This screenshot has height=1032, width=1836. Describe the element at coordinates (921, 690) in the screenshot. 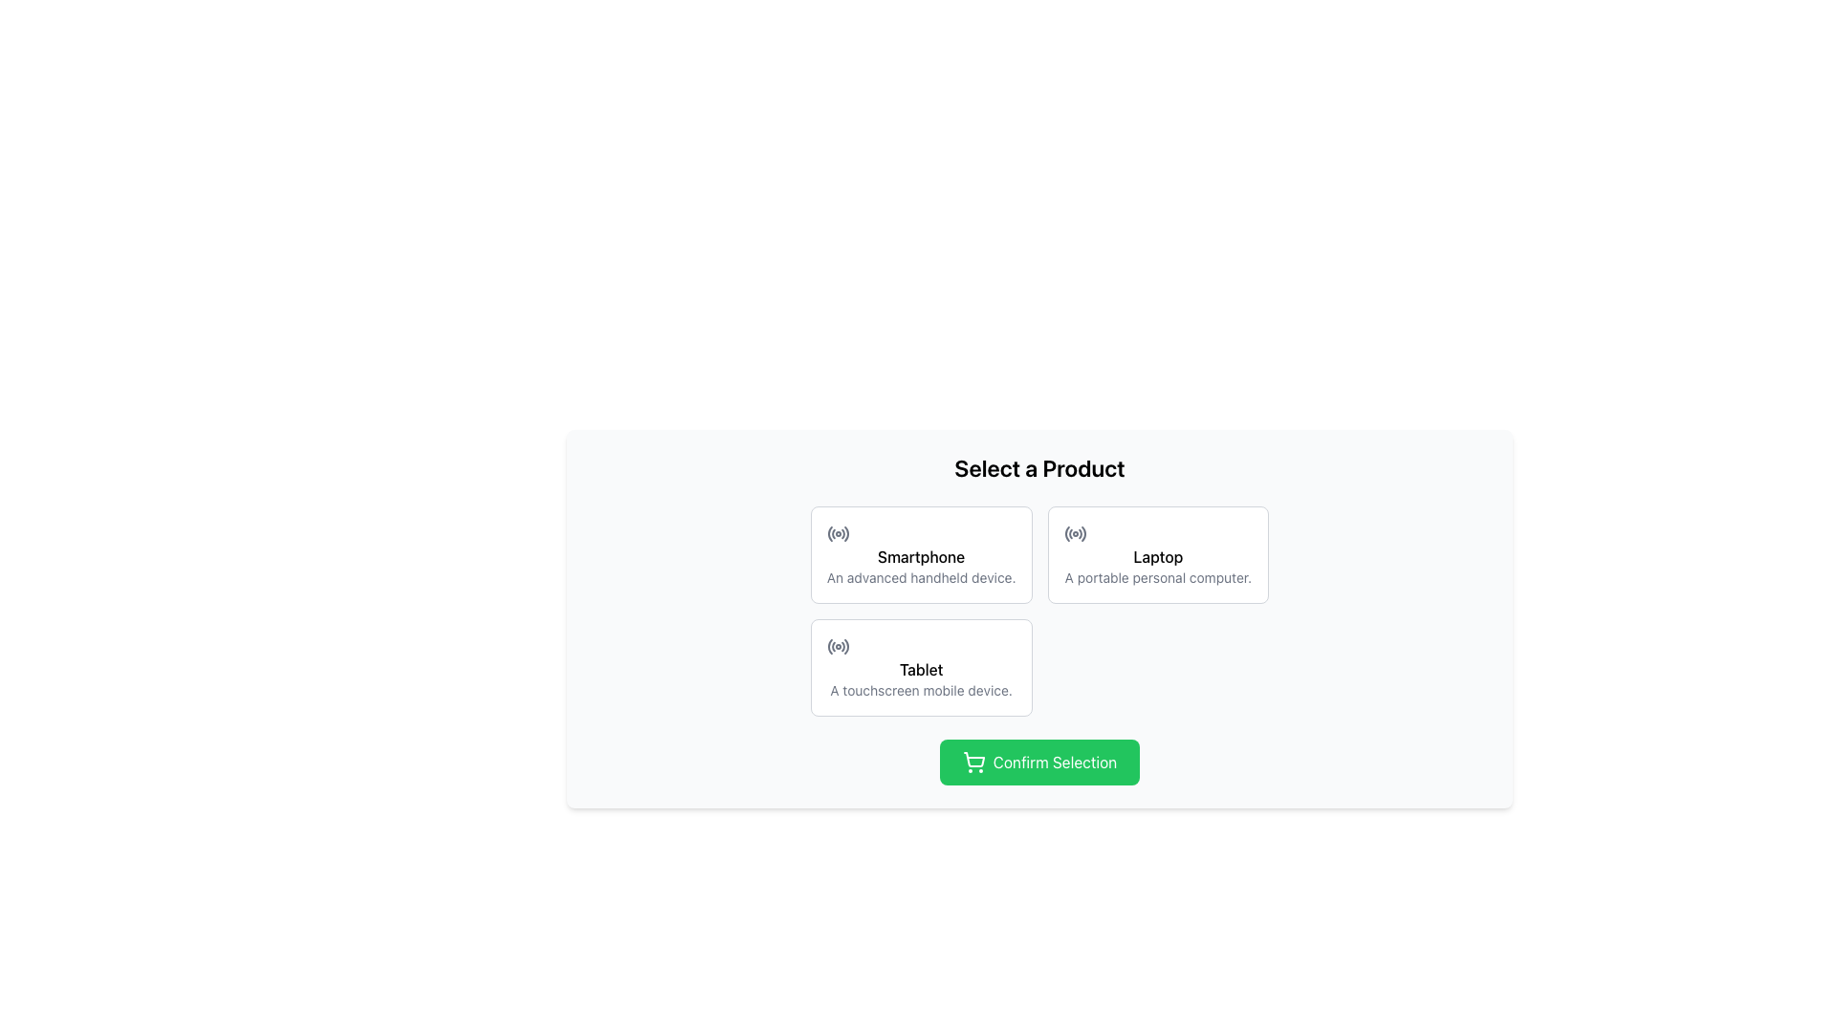

I see `the Text label that provides additional information about the 'Tablet' selection option, located directly underneath the 'Tablet' title` at that location.